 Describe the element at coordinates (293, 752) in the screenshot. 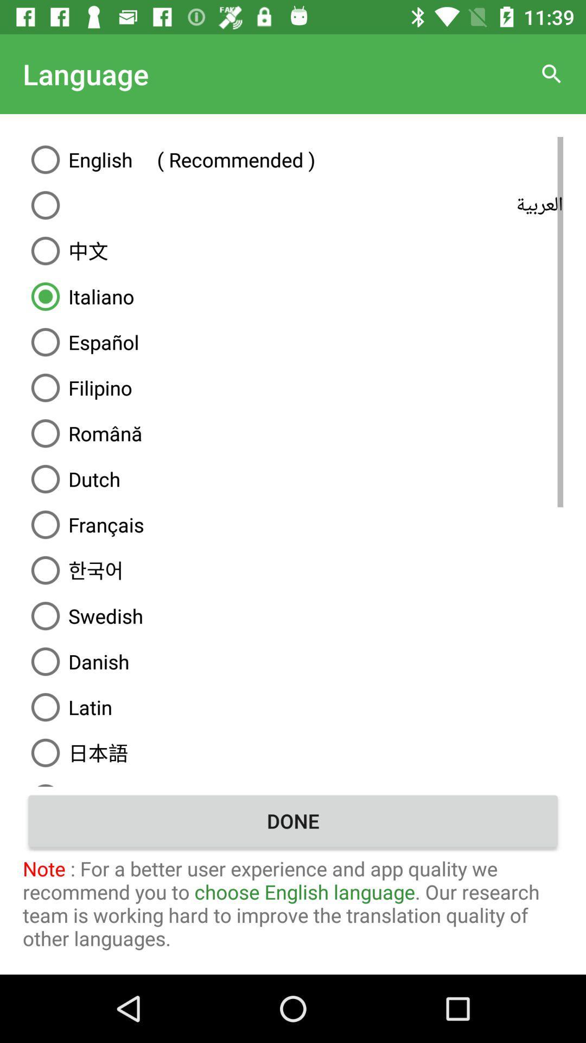

I see `item below latin item` at that location.